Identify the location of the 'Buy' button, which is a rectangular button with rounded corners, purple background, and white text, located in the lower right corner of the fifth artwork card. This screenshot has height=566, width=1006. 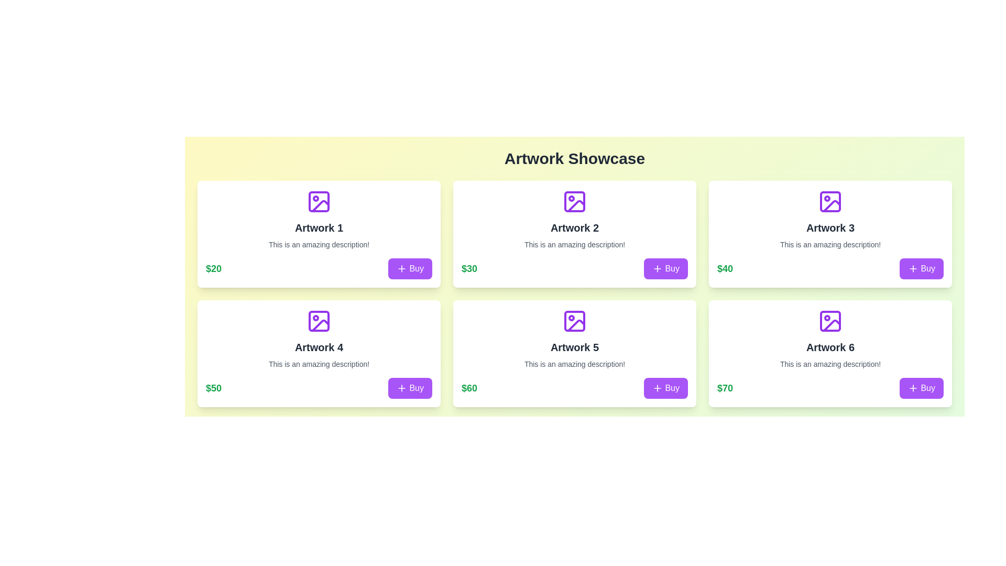
(665, 388).